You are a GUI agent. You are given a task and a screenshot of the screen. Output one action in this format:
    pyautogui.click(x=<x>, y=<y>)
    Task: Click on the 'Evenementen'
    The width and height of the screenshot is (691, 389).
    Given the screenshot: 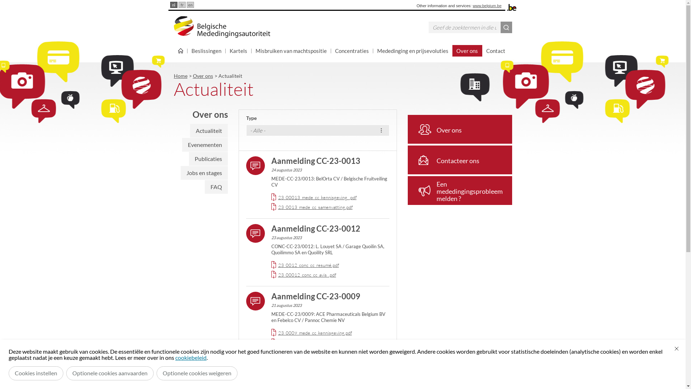 What is the action you would take?
    pyautogui.click(x=204, y=144)
    